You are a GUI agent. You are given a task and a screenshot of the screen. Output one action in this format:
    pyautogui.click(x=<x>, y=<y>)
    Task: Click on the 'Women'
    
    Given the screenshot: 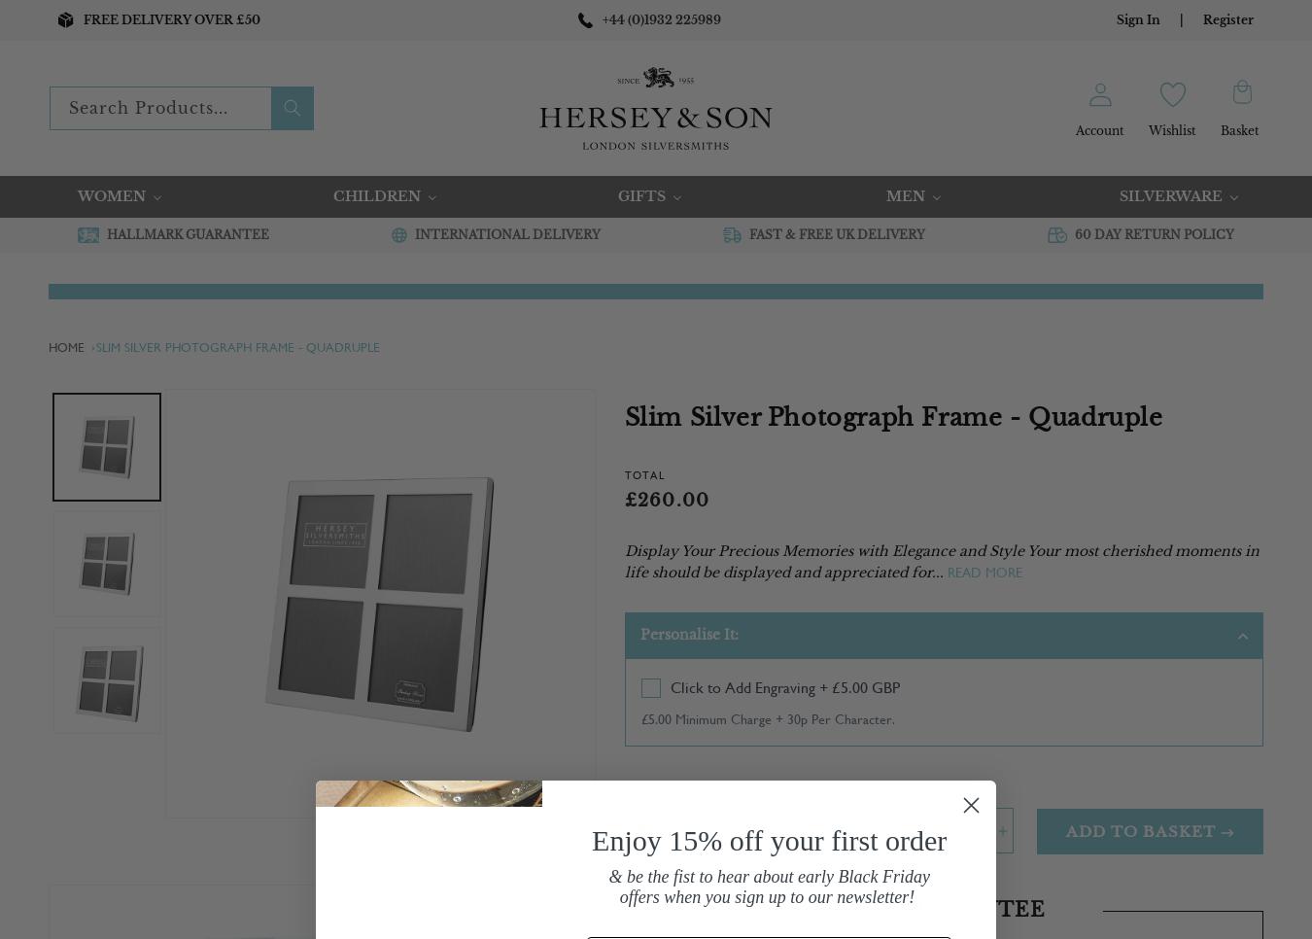 What is the action you would take?
    pyautogui.click(x=112, y=195)
    